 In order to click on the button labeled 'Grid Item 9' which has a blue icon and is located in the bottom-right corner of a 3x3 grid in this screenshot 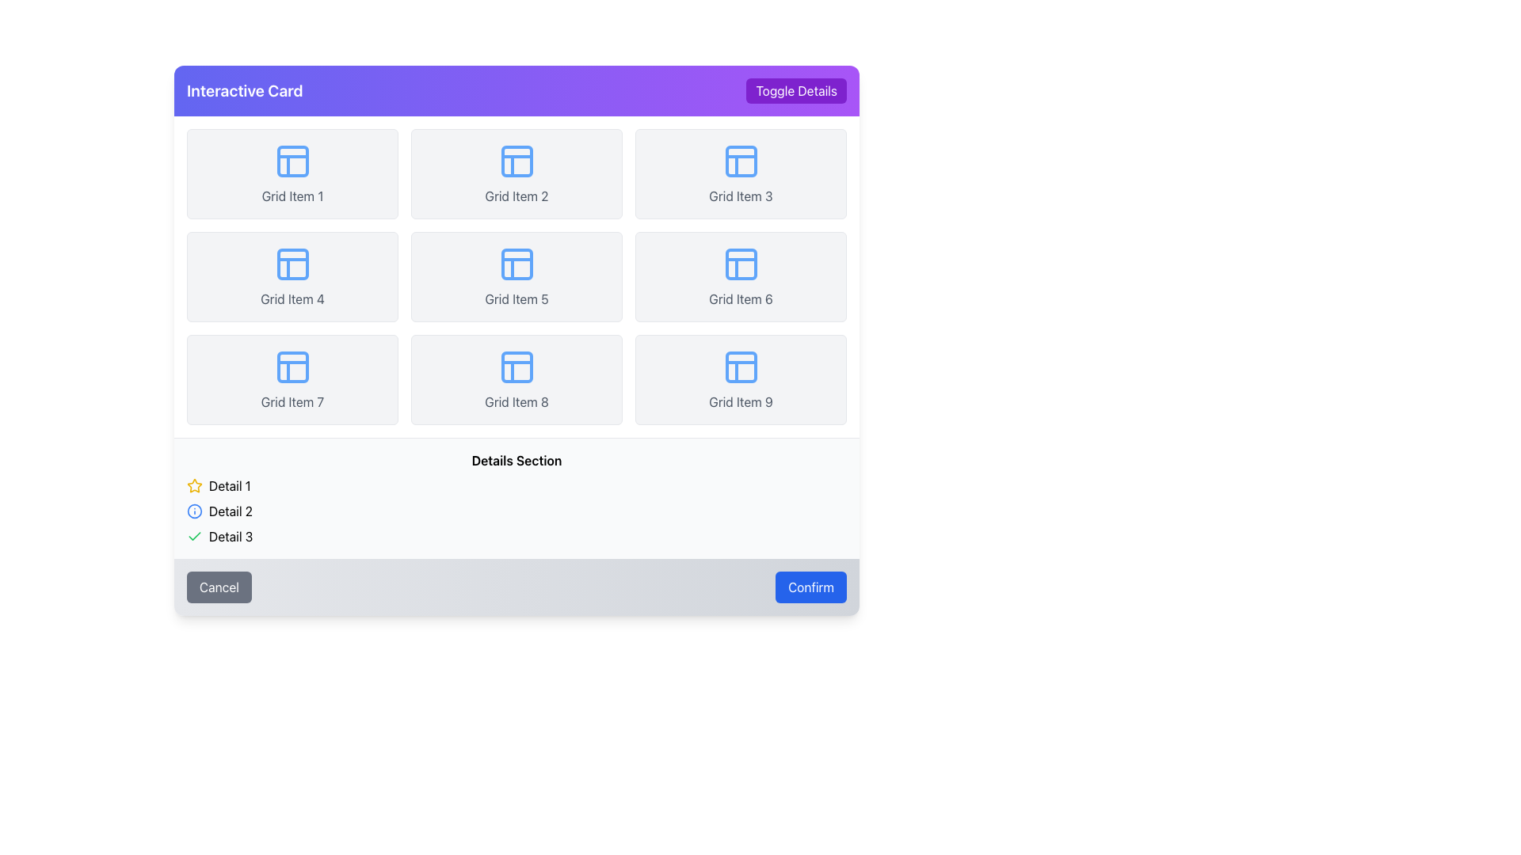, I will do `click(740, 379)`.